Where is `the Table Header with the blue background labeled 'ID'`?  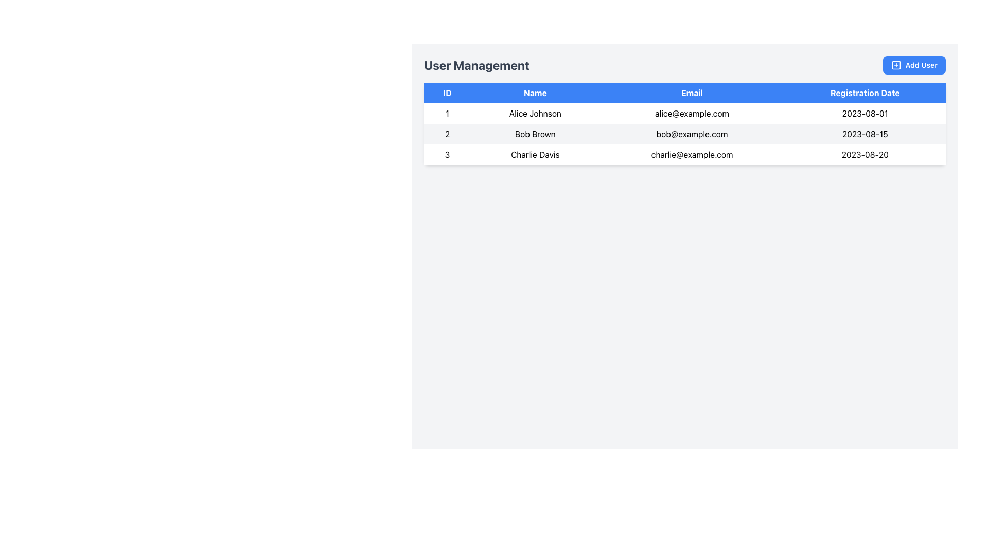
the Table Header with the blue background labeled 'ID' is located at coordinates (447, 93).